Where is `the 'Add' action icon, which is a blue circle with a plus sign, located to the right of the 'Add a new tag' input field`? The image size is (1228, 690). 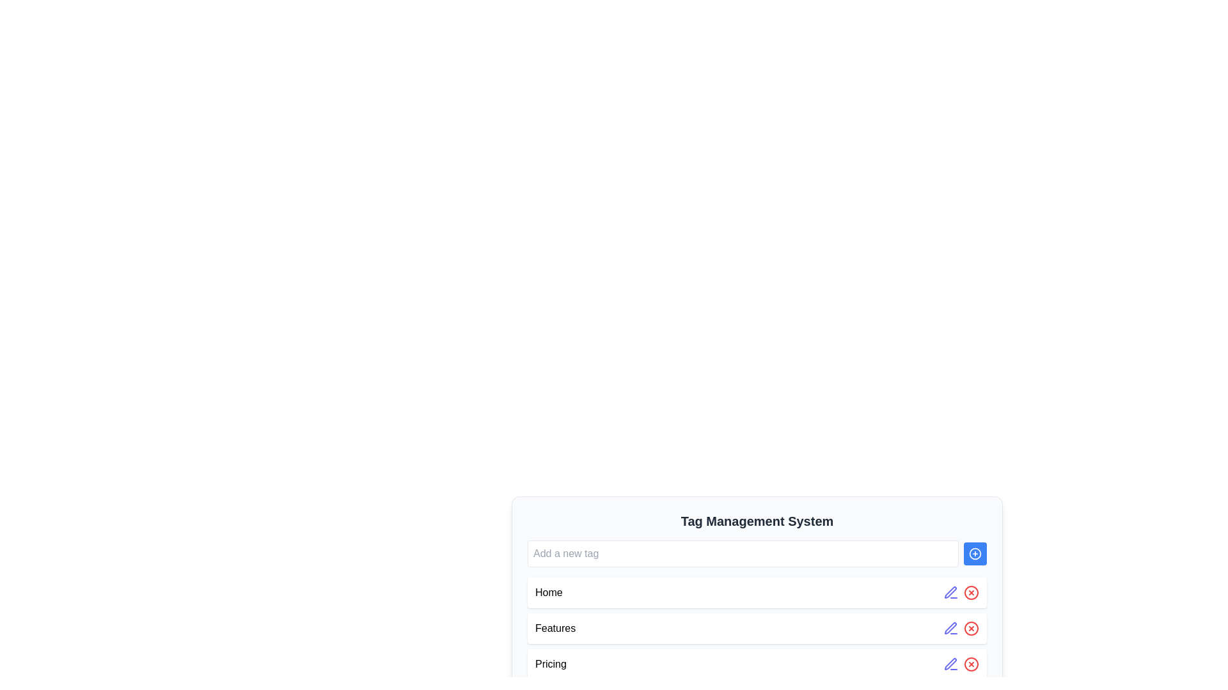
the 'Add' action icon, which is a blue circle with a plus sign, located to the right of the 'Add a new tag' input field is located at coordinates (975, 553).